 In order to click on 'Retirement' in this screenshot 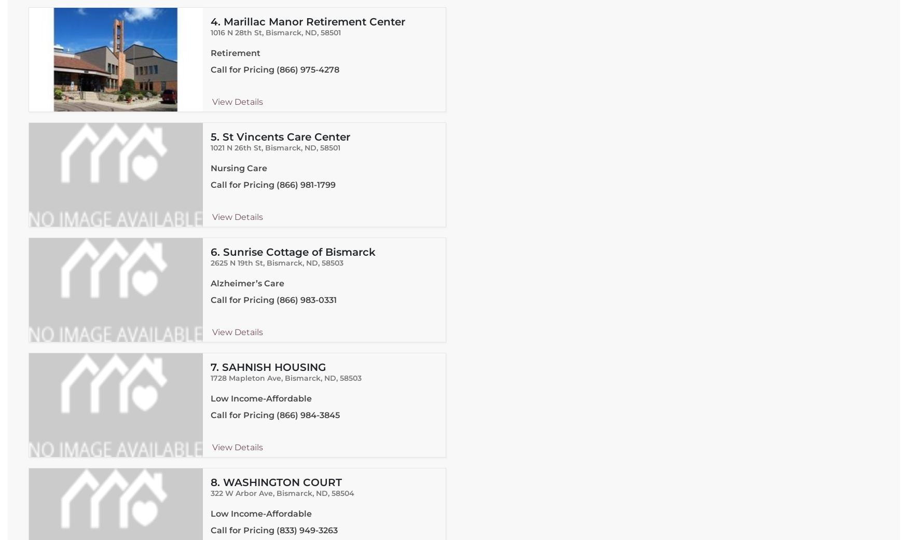, I will do `click(235, 52)`.